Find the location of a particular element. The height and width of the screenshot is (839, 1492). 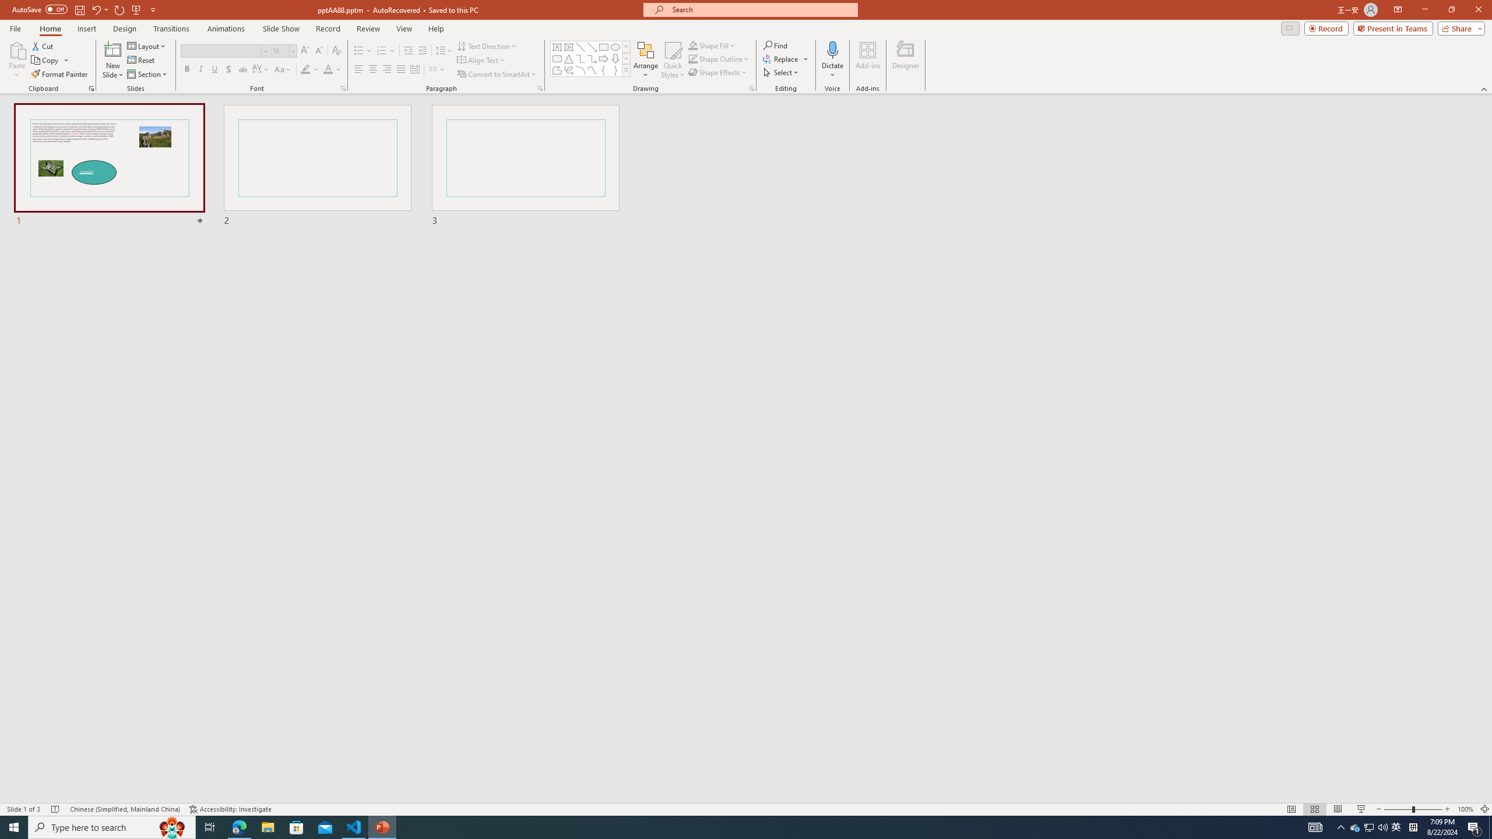

'Shape Outline' is located at coordinates (718, 58).